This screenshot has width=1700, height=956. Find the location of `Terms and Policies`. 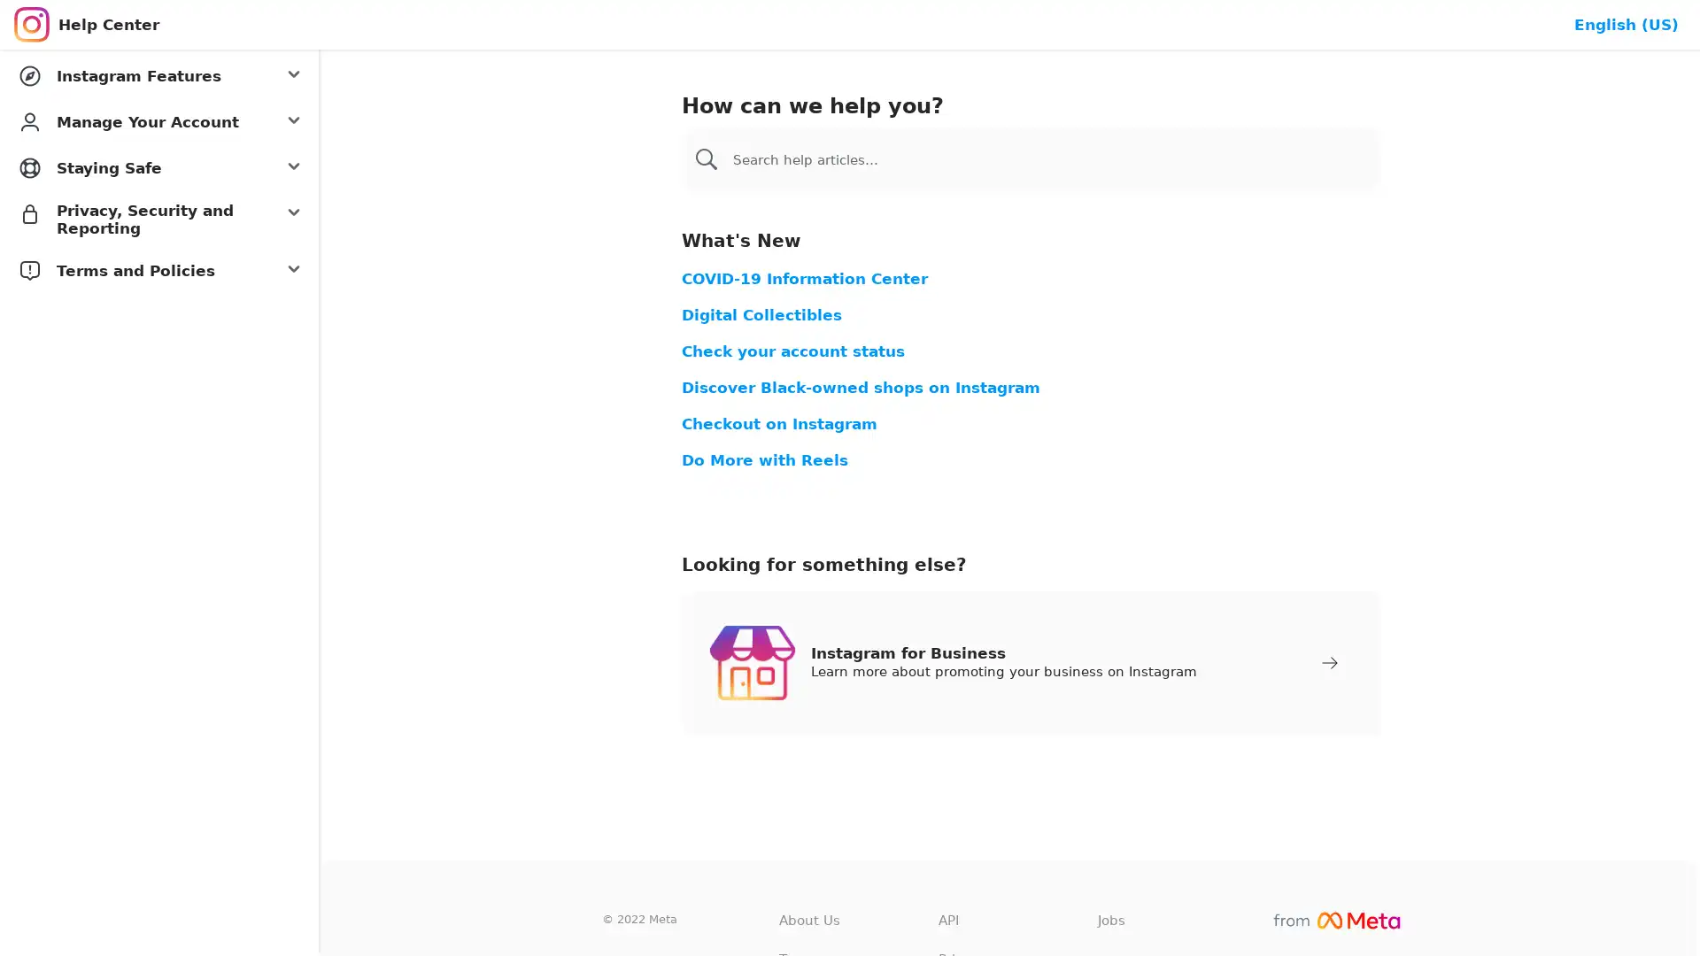

Terms and Policies is located at coordinates (159, 270).